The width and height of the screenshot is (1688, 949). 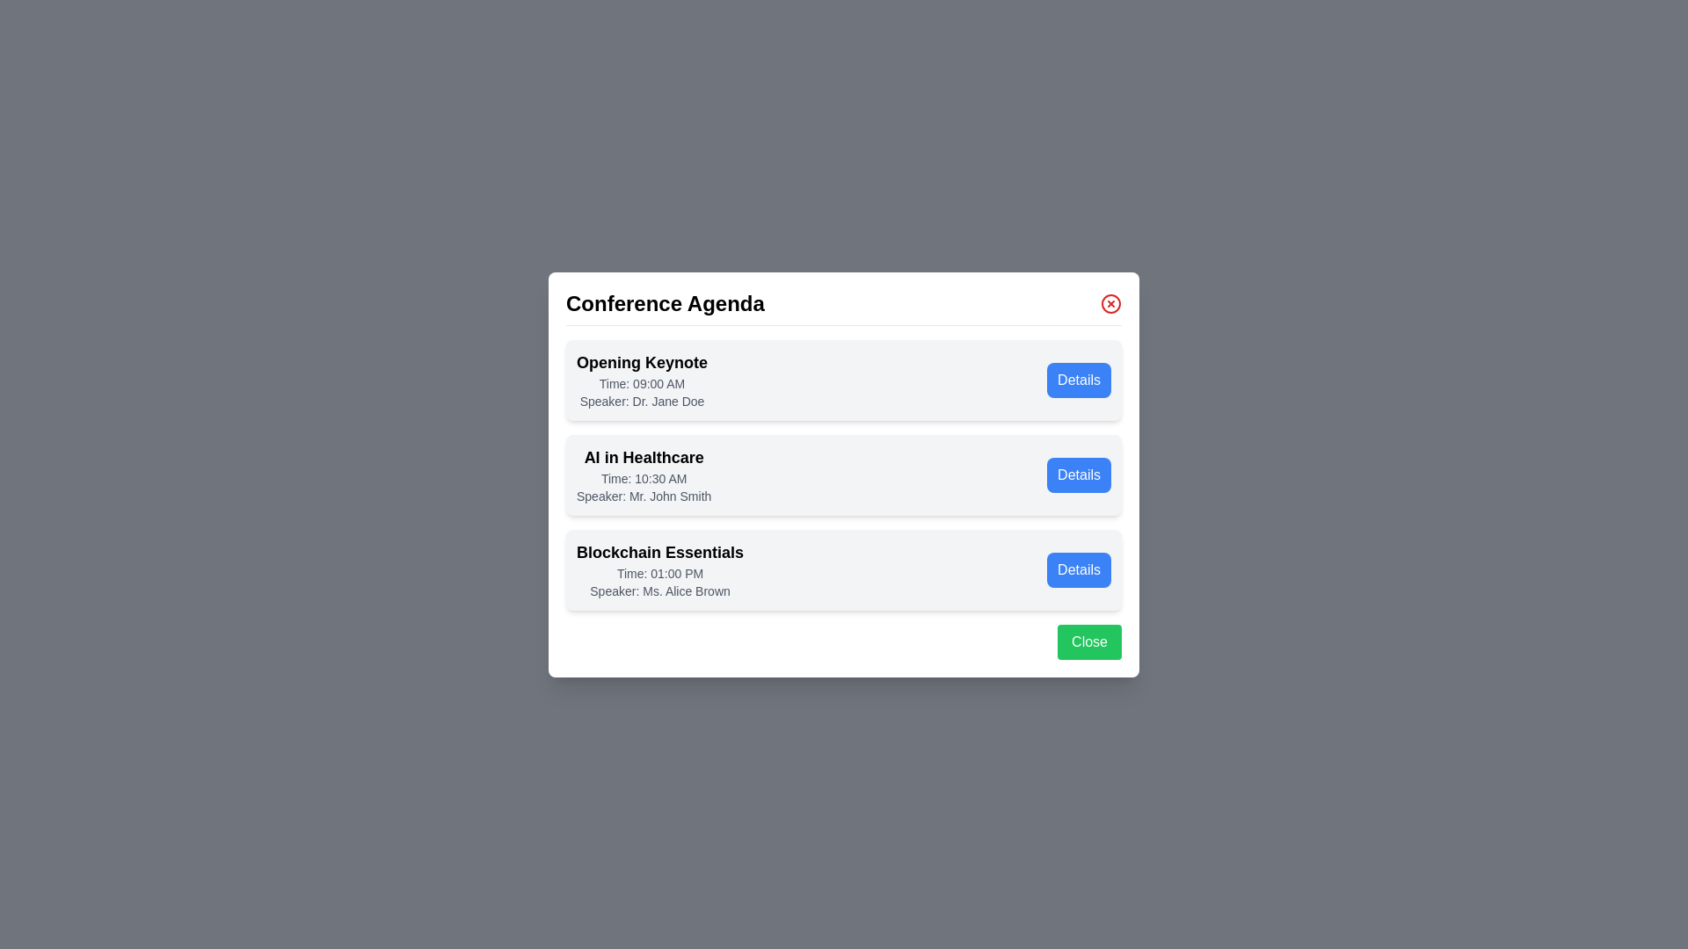 I want to click on the 'Details' button for the agenda item 'Opening Keynote', so click(x=1078, y=379).